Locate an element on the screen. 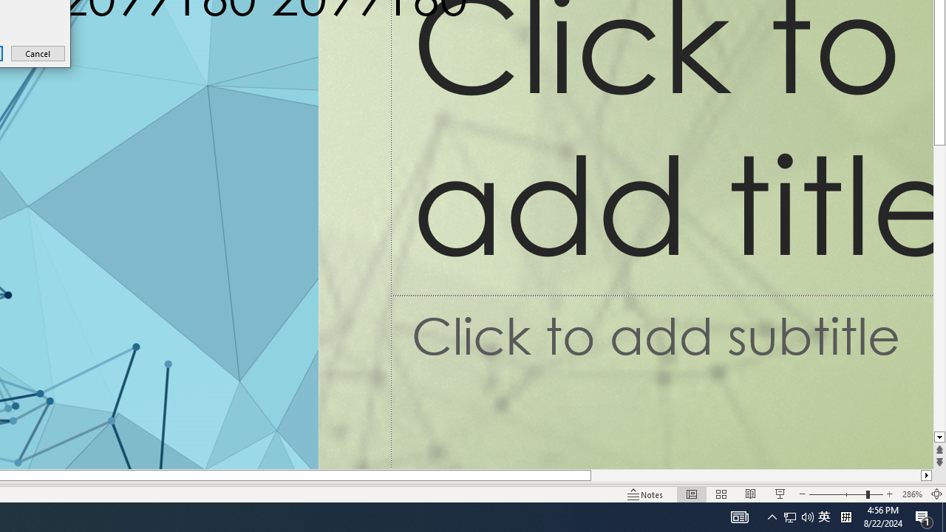 The height and width of the screenshot is (532, 946). 'Action Center, 1 new notification' is located at coordinates (924, 516).